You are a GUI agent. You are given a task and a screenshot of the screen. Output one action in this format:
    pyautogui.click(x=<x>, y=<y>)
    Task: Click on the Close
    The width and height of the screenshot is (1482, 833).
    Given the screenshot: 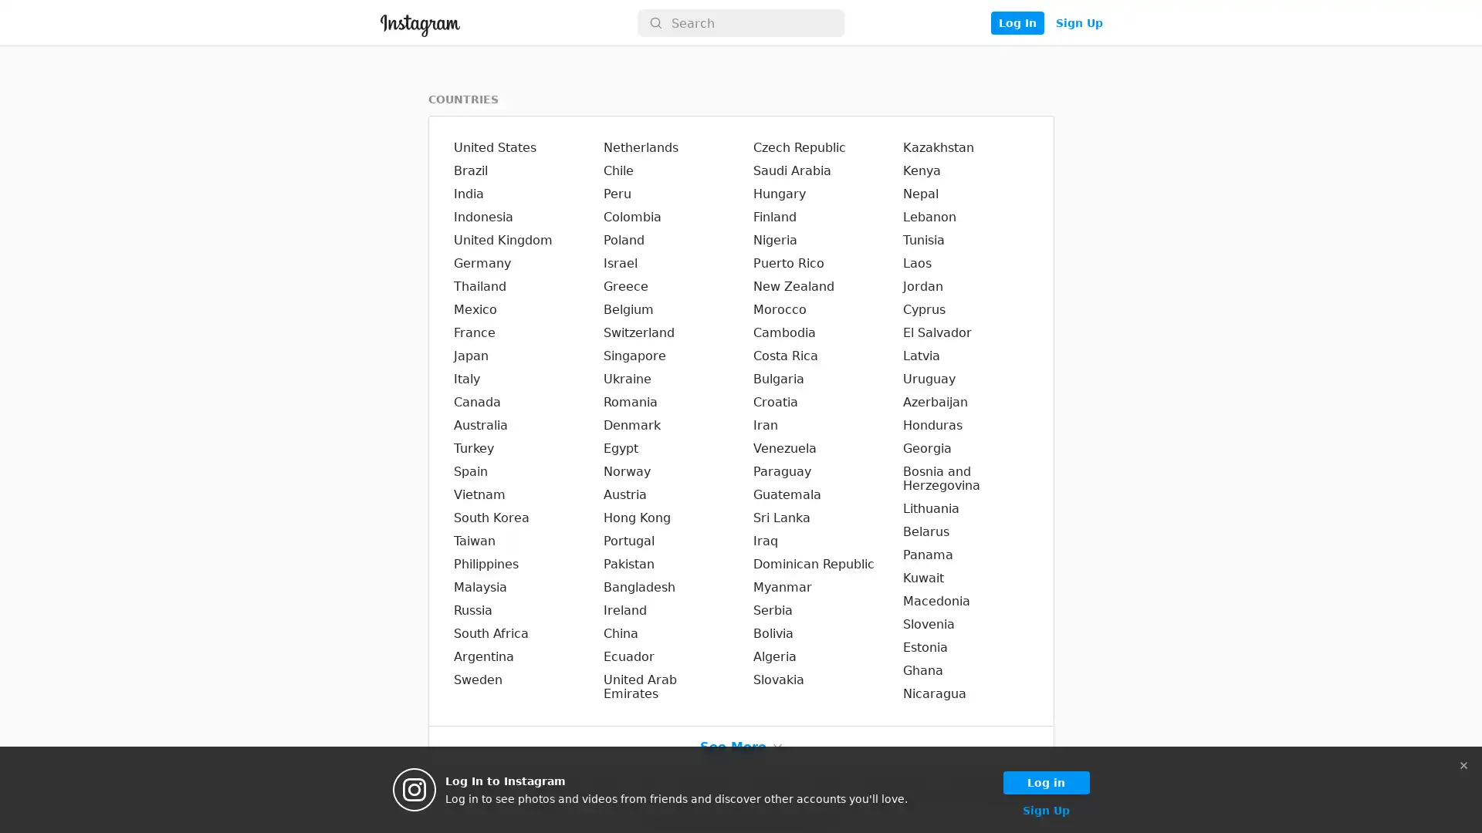 What is the action you would take?
    pyautogui.click(x=1463, y=764)
    